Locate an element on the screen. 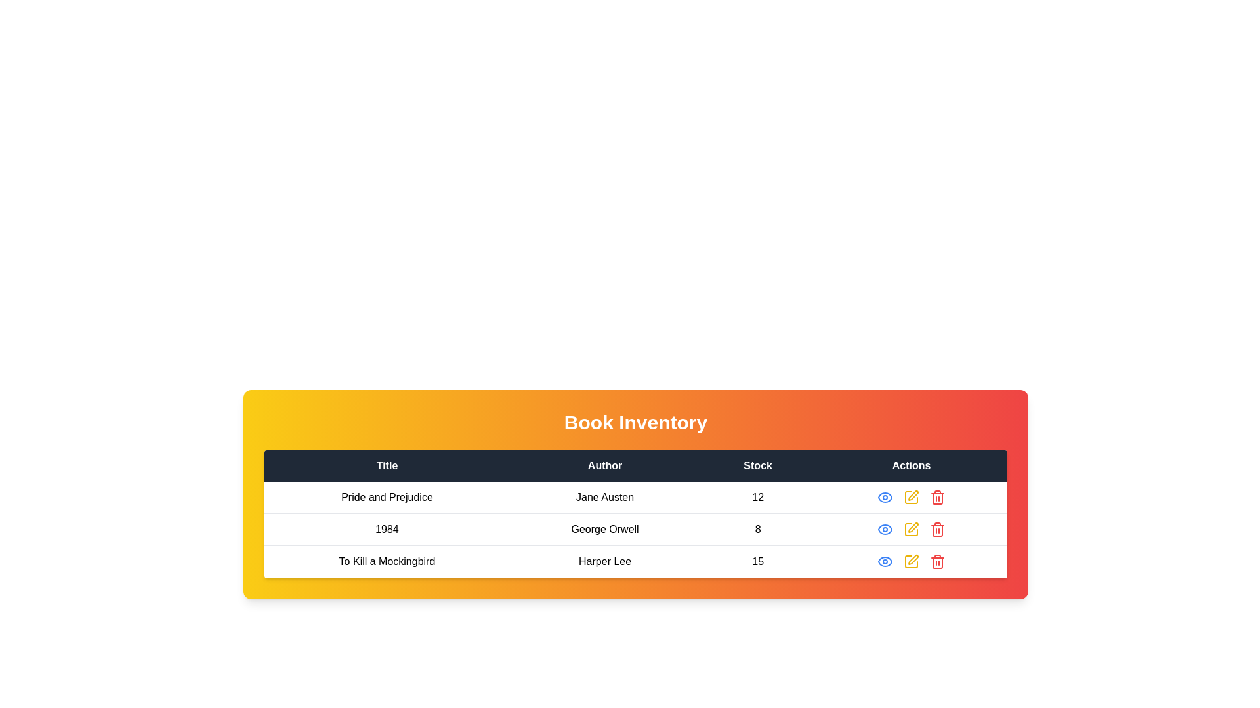  the red outlined trash icon button in the Actions column of the second row, which is associated with the book titled '1984', to observe its interactive styling is located at coordinates (937, 528).